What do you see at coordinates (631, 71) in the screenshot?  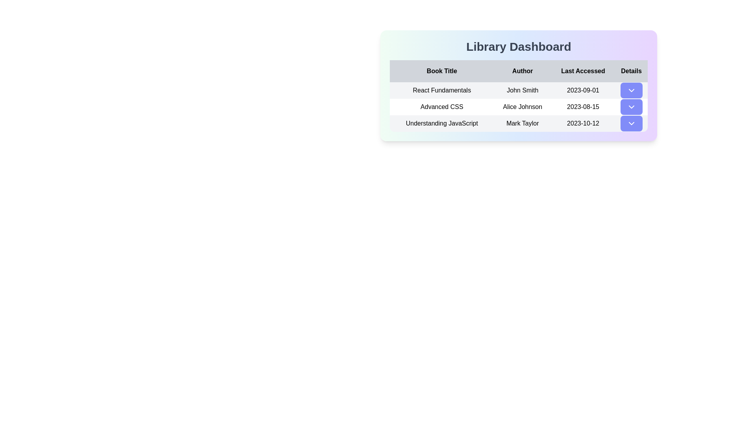 I see `the text label in the rightmost column header of the table, which indicates actions or information for each row, located next to the 'Last Accessed' column` at bounding box center [631, 71].